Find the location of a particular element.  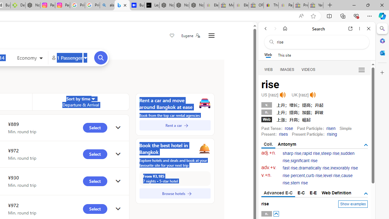

'Antonym' is located at coordinates (287, 144).